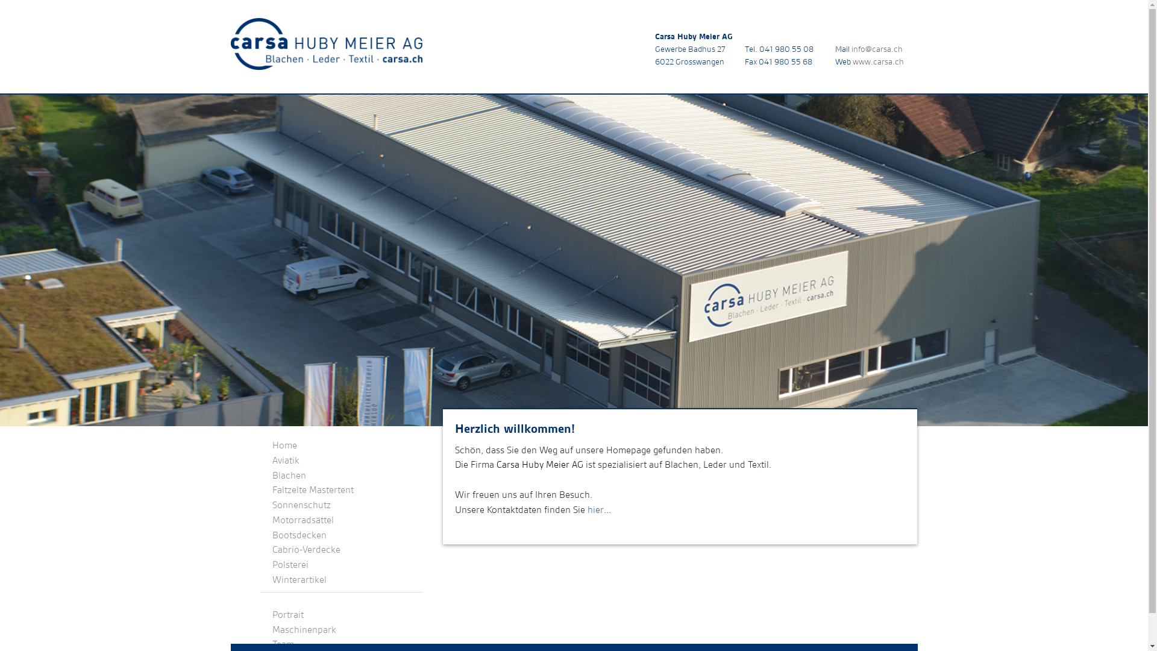 This screenshot has height=651, width=1157. I want to click on 'Sonnenschutz', so click(301, 505).